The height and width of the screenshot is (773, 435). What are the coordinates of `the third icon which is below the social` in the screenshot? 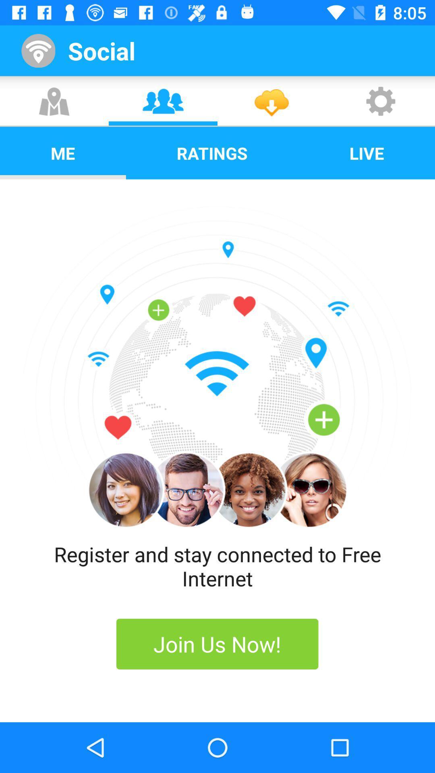 It's located at (271, 101).